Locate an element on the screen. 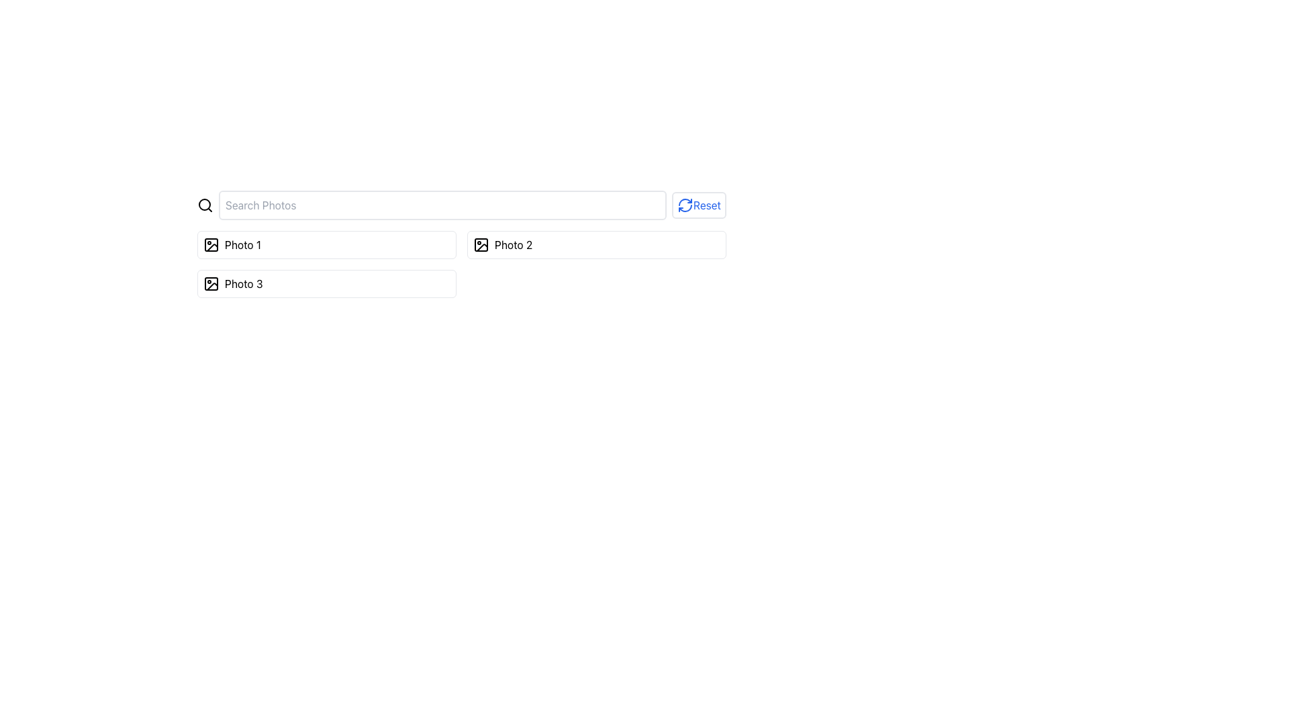 The width and height of the screenshot is (1289, 725). the first selectable list item labeled 'Photo 1' is located at coordinates (326, 245).